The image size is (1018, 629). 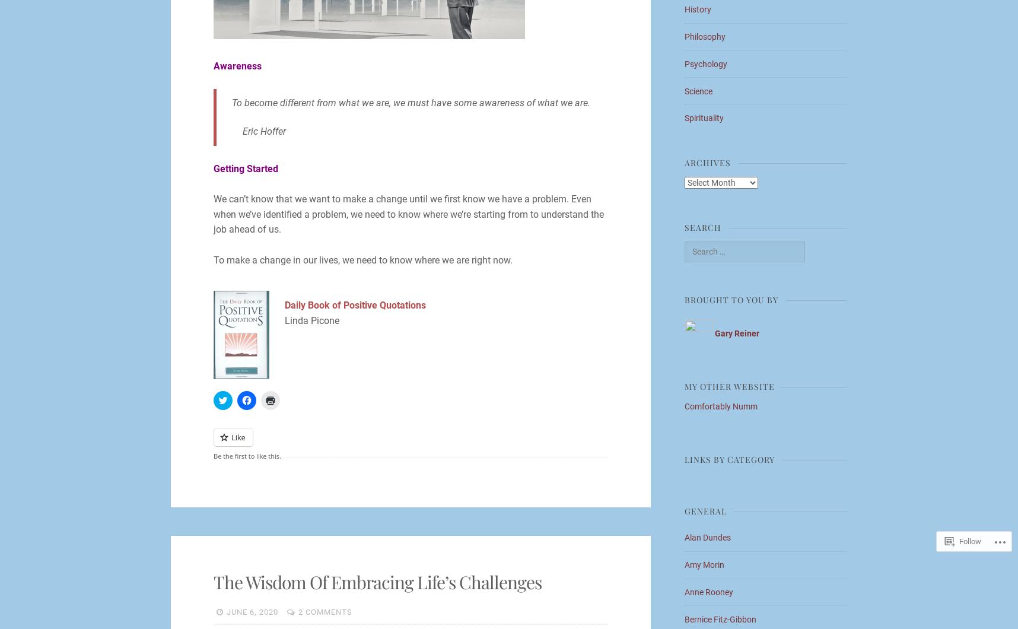 I want to click on 'Alan Dundes', so click(x=684, y=537).